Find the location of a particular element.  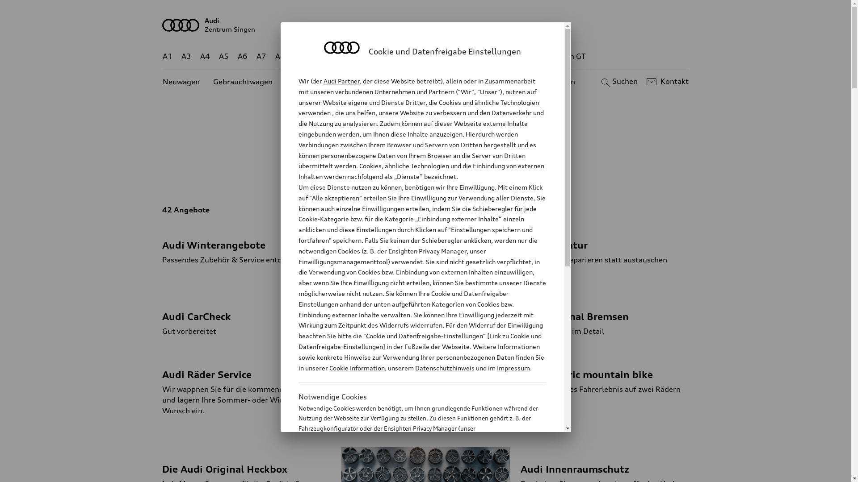

'Neuwagen' is located at coordinates (181, 82).